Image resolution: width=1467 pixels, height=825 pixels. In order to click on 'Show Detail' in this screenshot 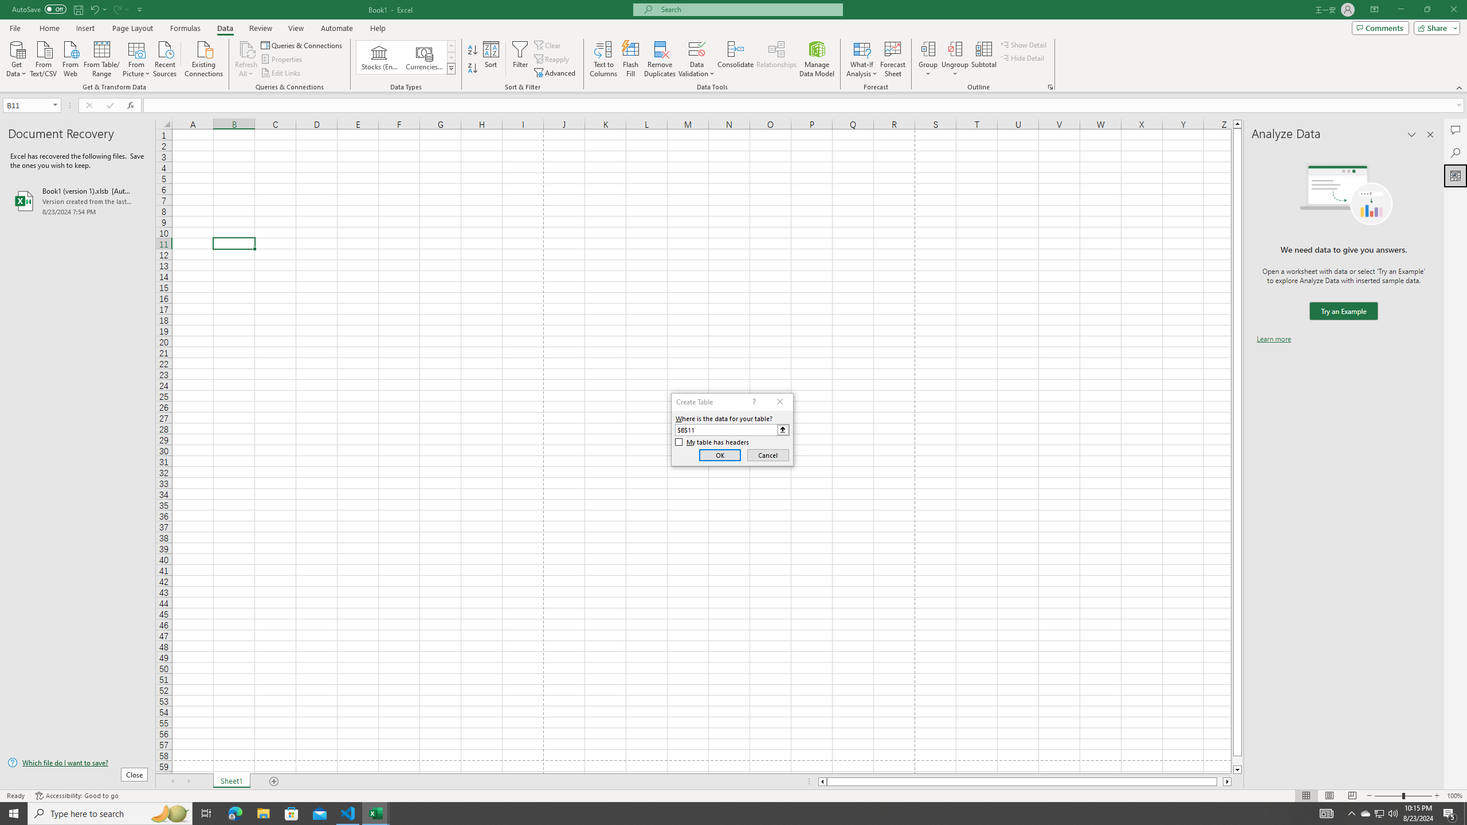, I will do `click(1023, 44)`.